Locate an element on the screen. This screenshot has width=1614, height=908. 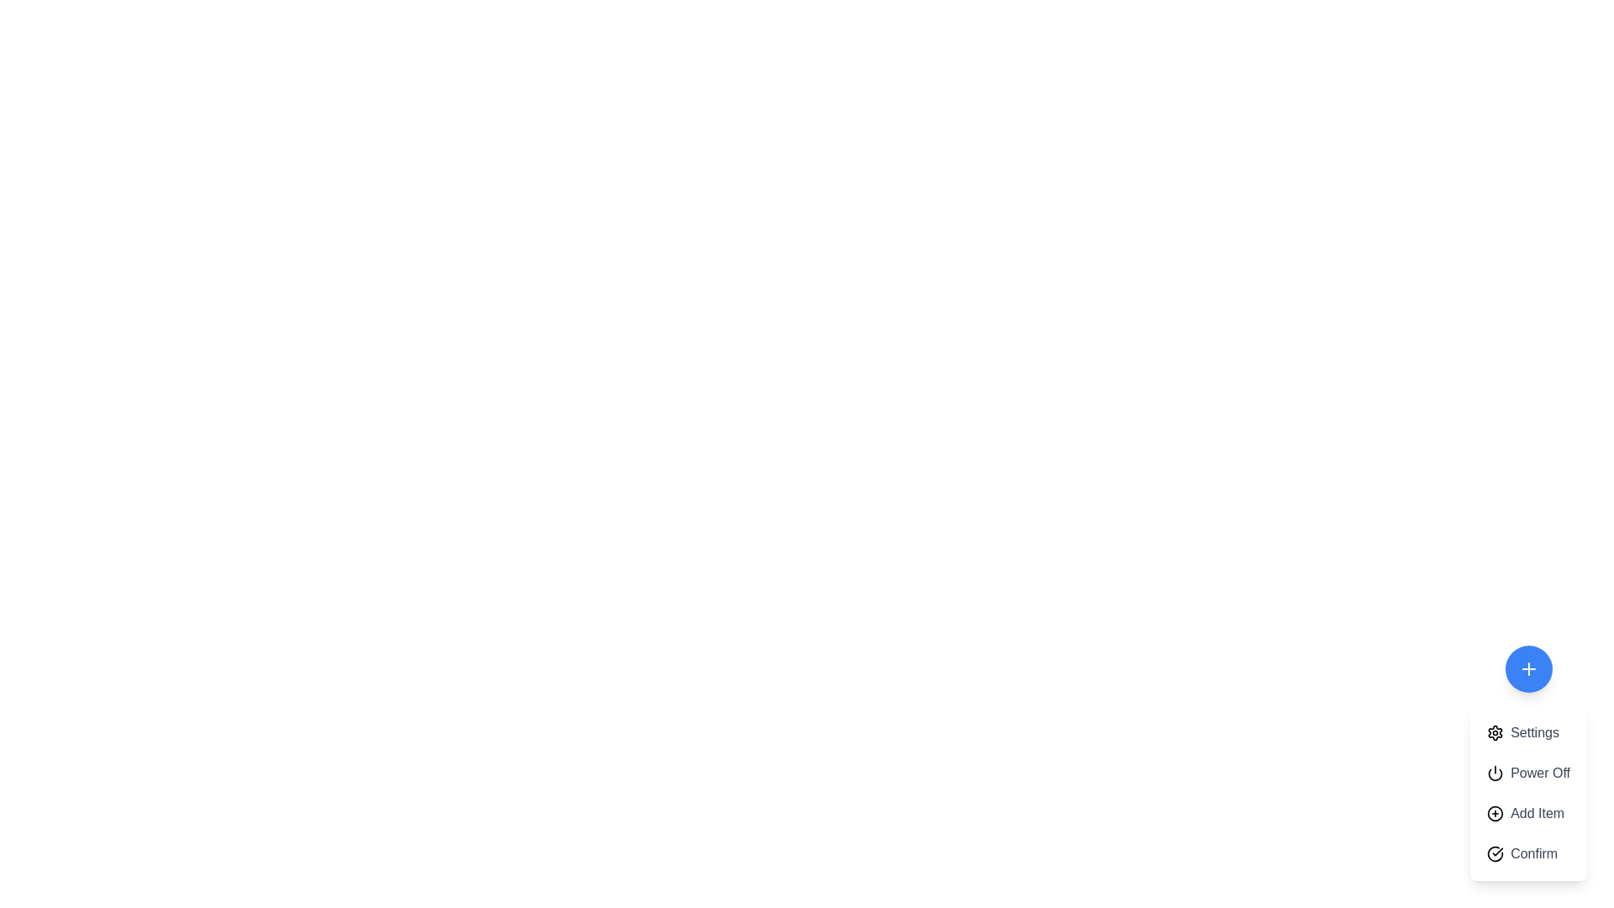
the 'Add Item' button to select it is located at coordinates (1528, 813).